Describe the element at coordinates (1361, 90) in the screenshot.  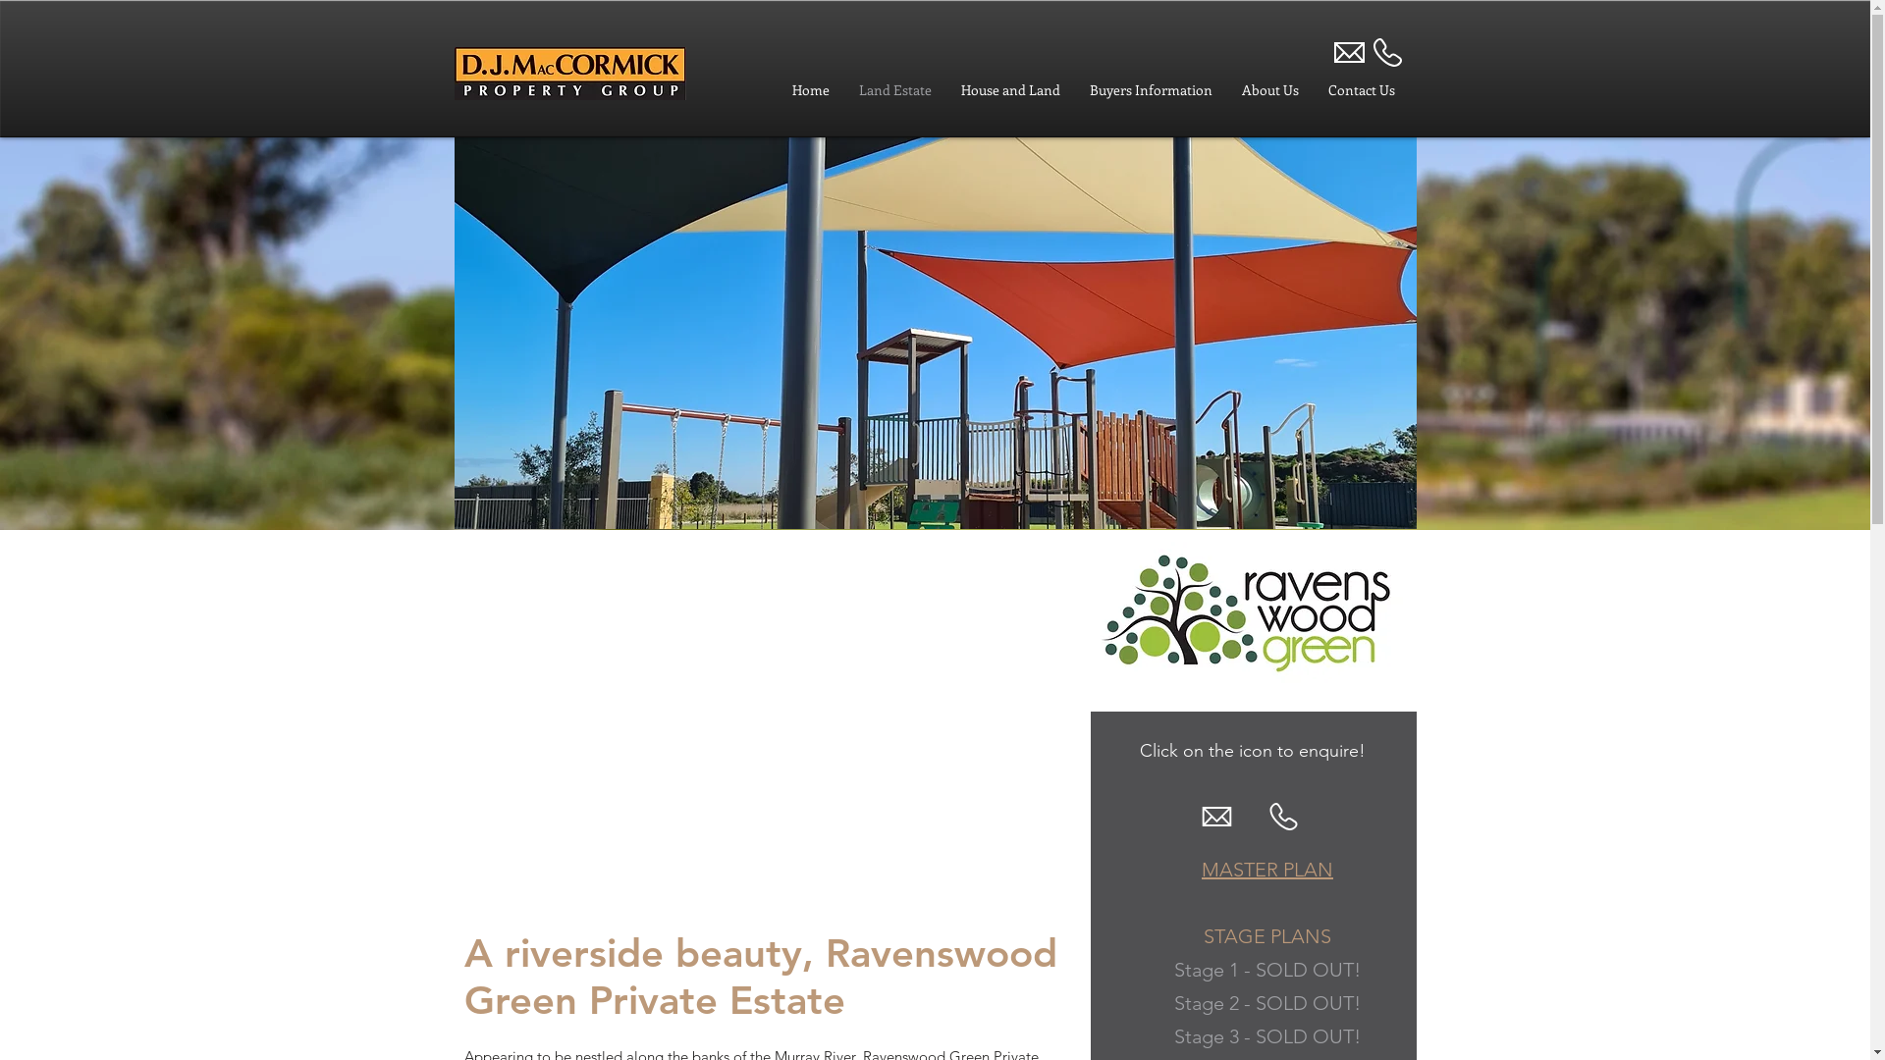
I see `'Contact Us'` at that location.